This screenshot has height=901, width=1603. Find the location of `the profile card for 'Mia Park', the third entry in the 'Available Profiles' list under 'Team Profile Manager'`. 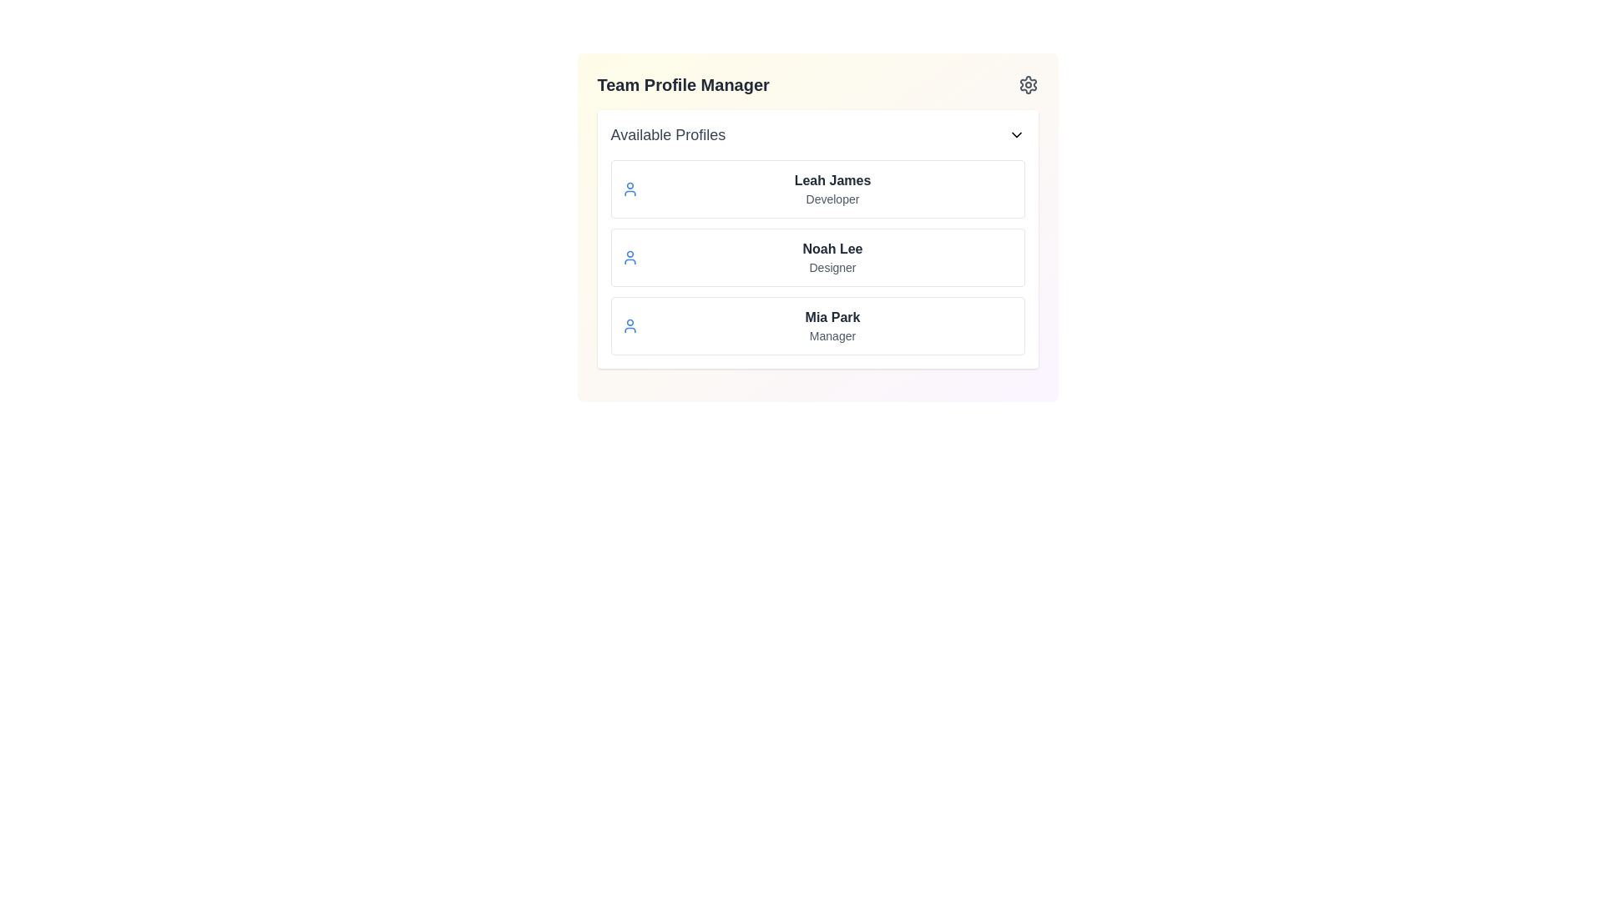

the profile card for 'Mia Park', the third entry in the 'Available Profiles' list under 'Team Profile Manager' is located at coordinates (832, 325).